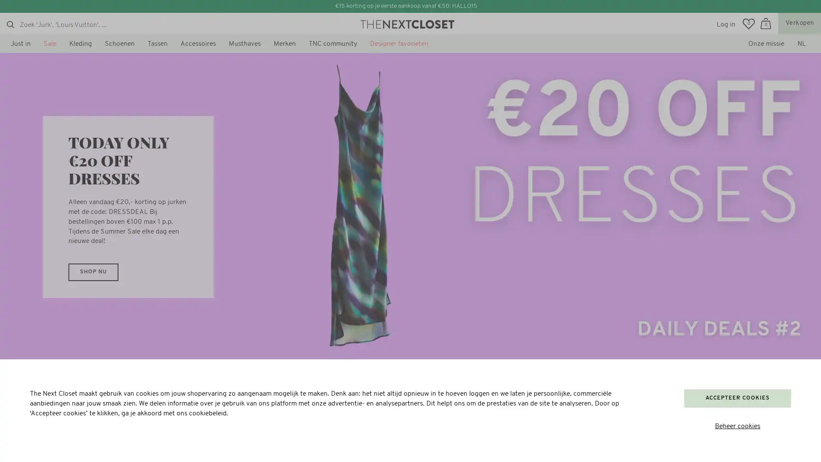 The image size is (821, 462). What do you see at coordinates (10, 24) in the screenshot?
I see `Search` at bounding box center [10, 24].